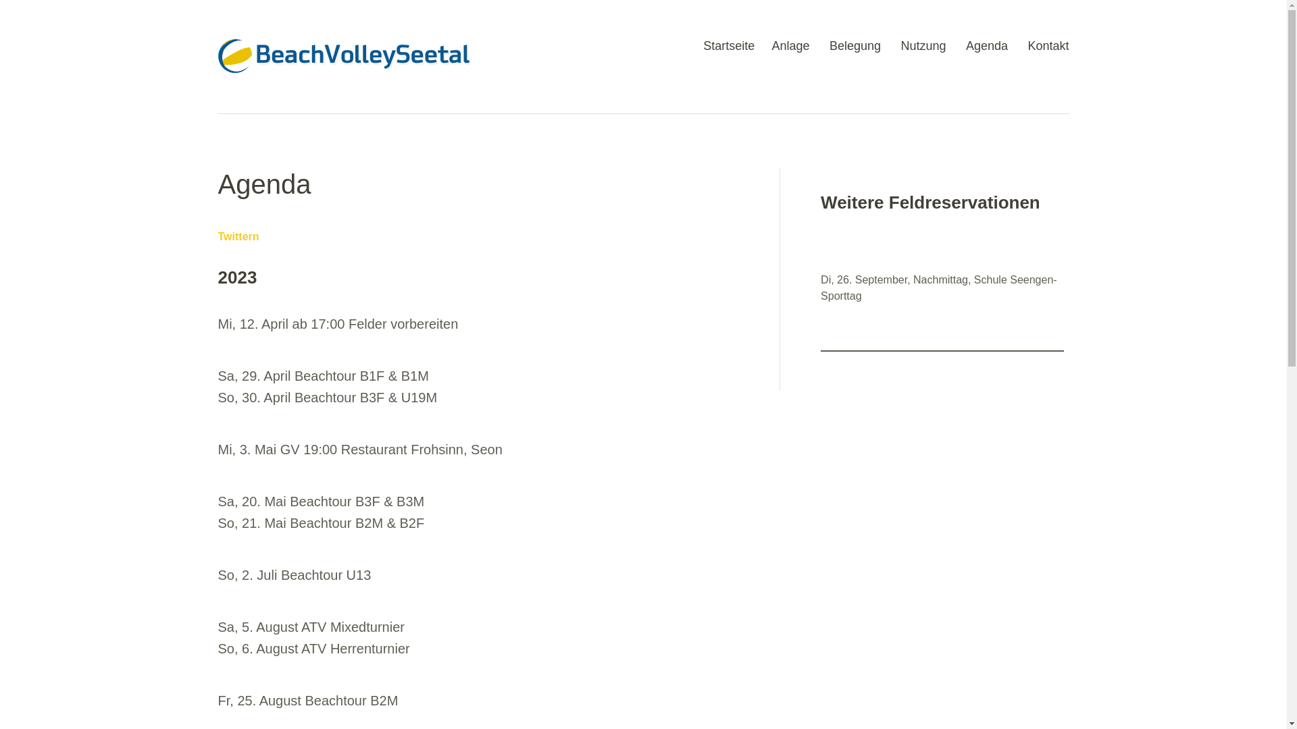  Describe the element at coordinates (855, 51) in the screenshot. I see `'Belegung'` at that location.